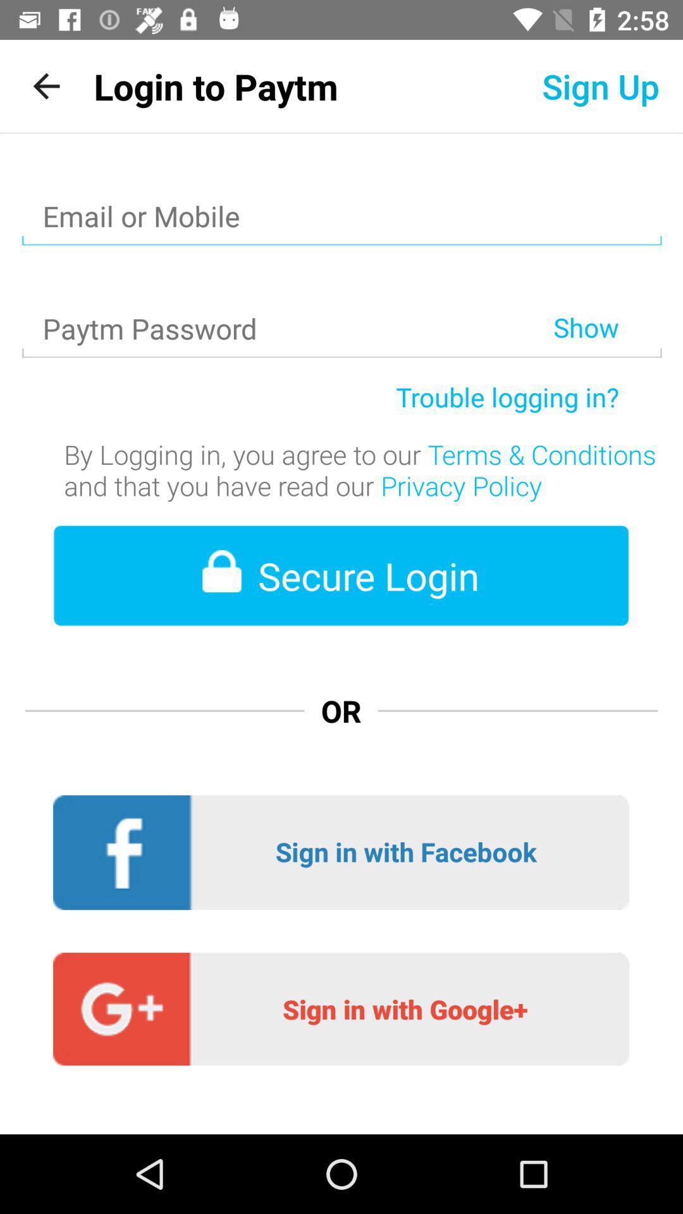 The width and height of the screenshot is (683, 1214). What do you see at coordinates (606, 294) in the screenshot?
I see `the show icon` at bounding box center [606, 294].